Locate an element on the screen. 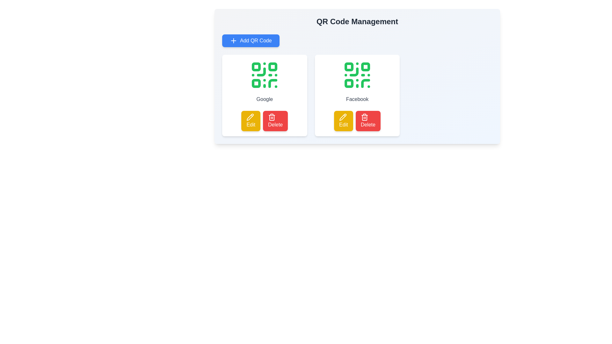  the square-shaped Decorative QR code segment with green coloring located in the top-left corner of the left QR code on the page is located at coordinates (256, 67).